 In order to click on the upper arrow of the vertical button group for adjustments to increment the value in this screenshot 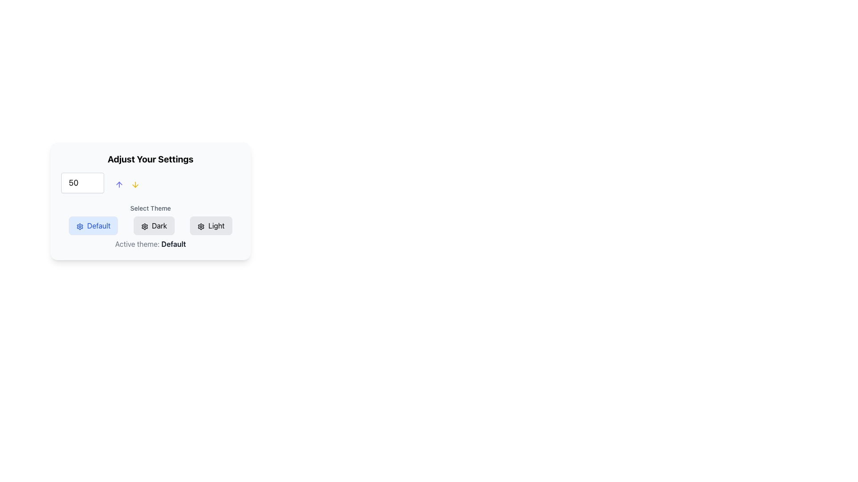, I will do `click(126, 182)`.